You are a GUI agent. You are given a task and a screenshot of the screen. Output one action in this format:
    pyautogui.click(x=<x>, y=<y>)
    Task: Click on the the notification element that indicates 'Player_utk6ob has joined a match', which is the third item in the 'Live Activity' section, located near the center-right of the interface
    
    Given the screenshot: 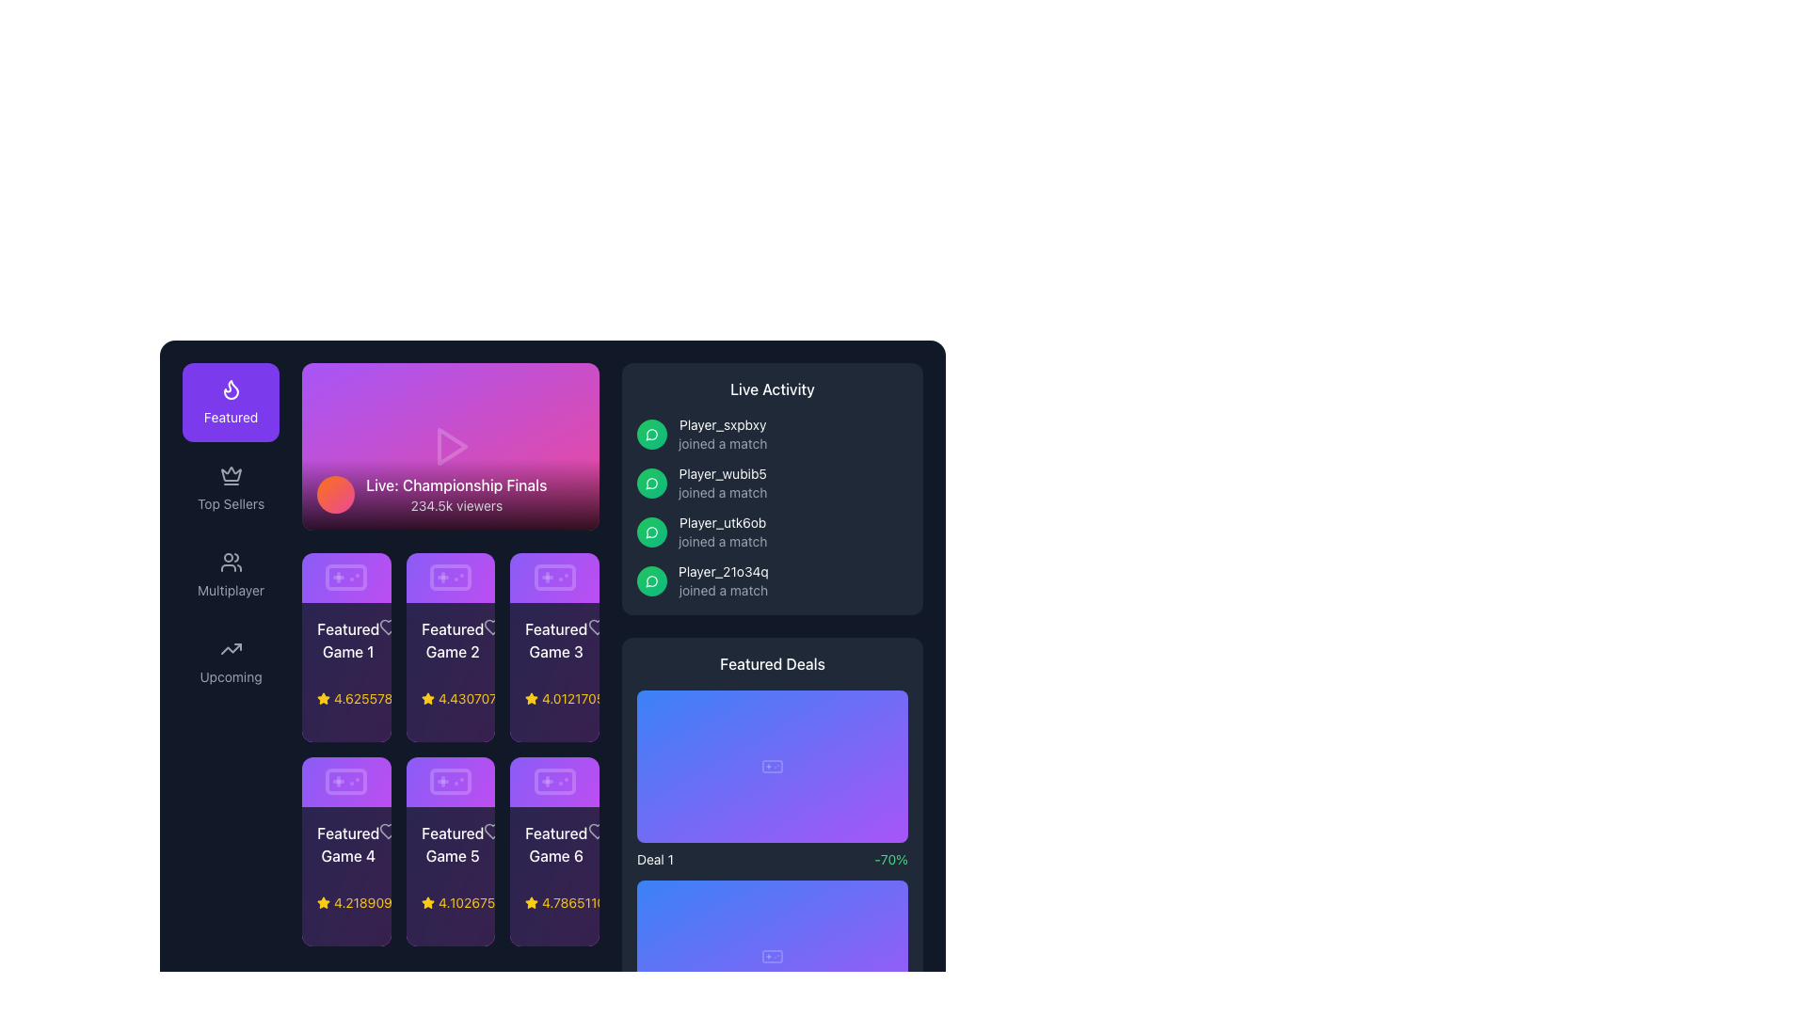 What is the action you would take?
    pyautogui.click(x=772, y=532)
    